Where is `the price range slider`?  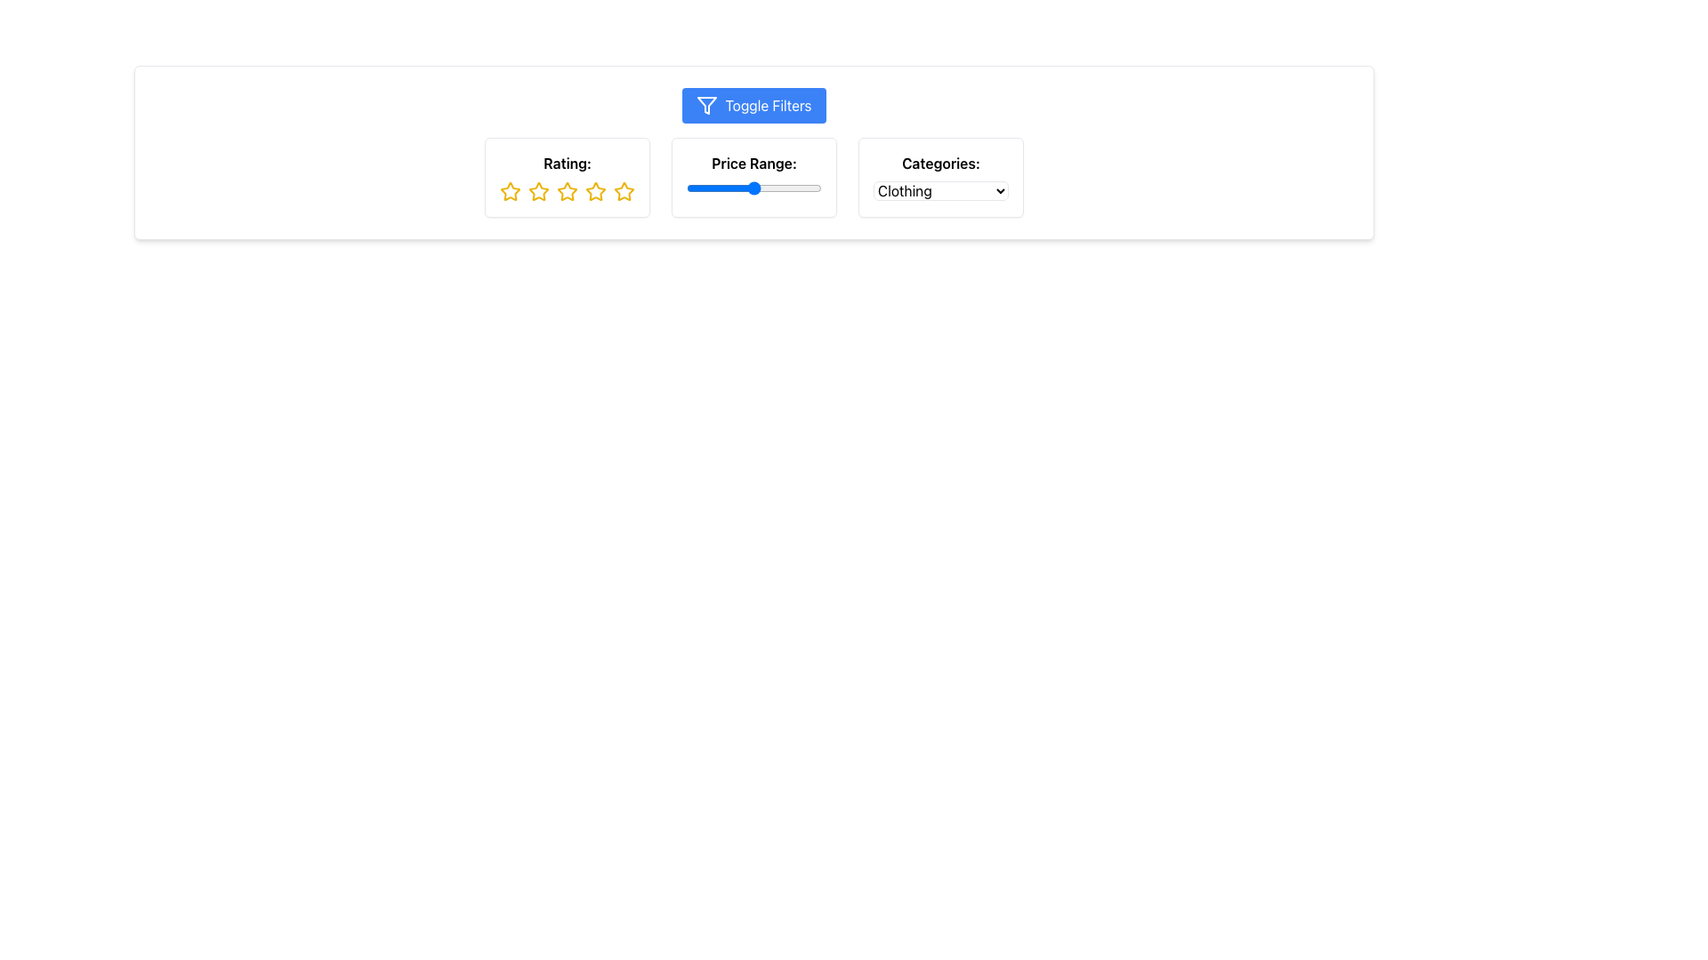
the price range slider is located at coordinates (745, 188).